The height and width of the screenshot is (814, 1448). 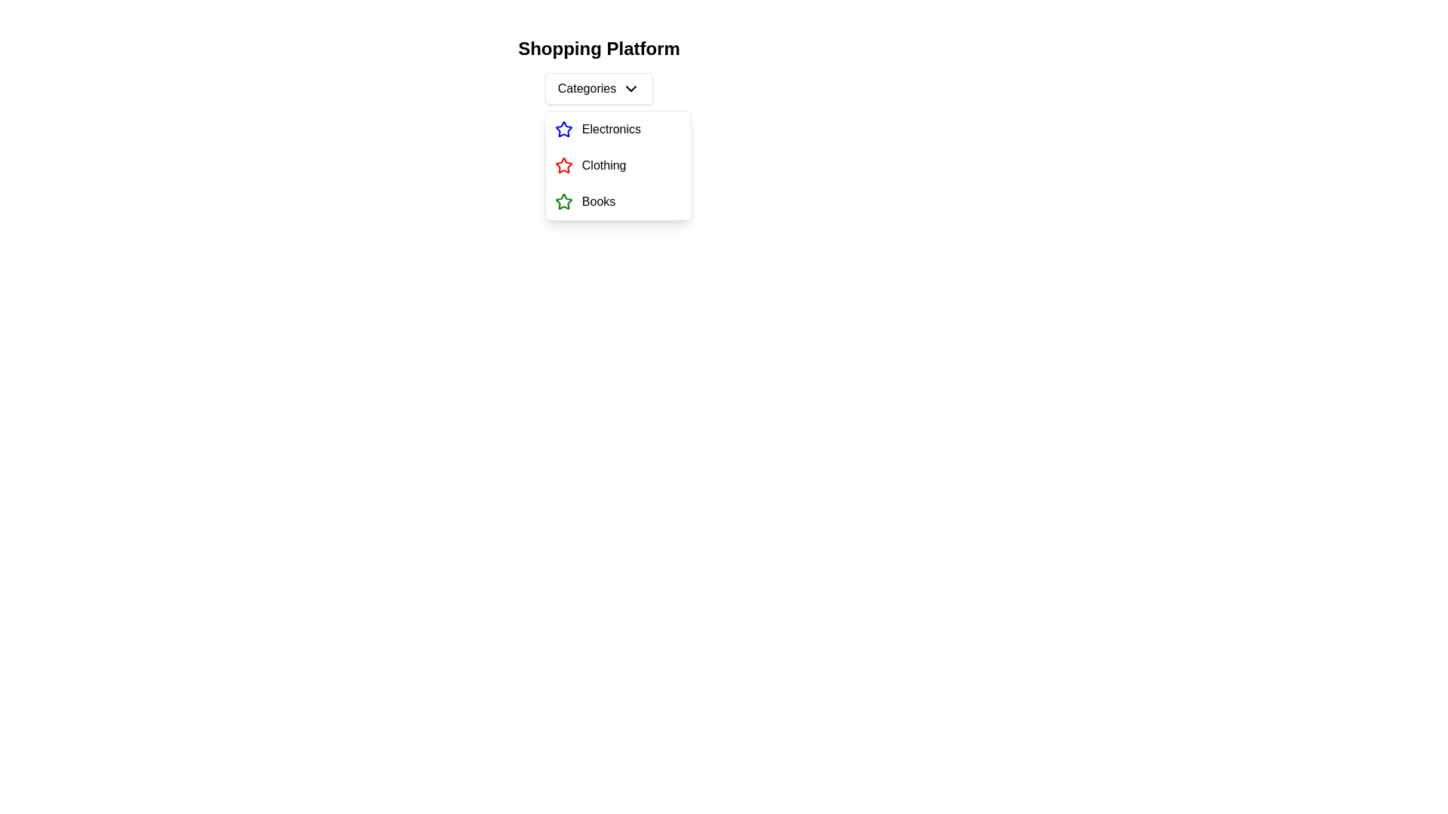 I want to click on the Dropdown button located below the title 'Shopping Platform', so click(x=598, y=89).